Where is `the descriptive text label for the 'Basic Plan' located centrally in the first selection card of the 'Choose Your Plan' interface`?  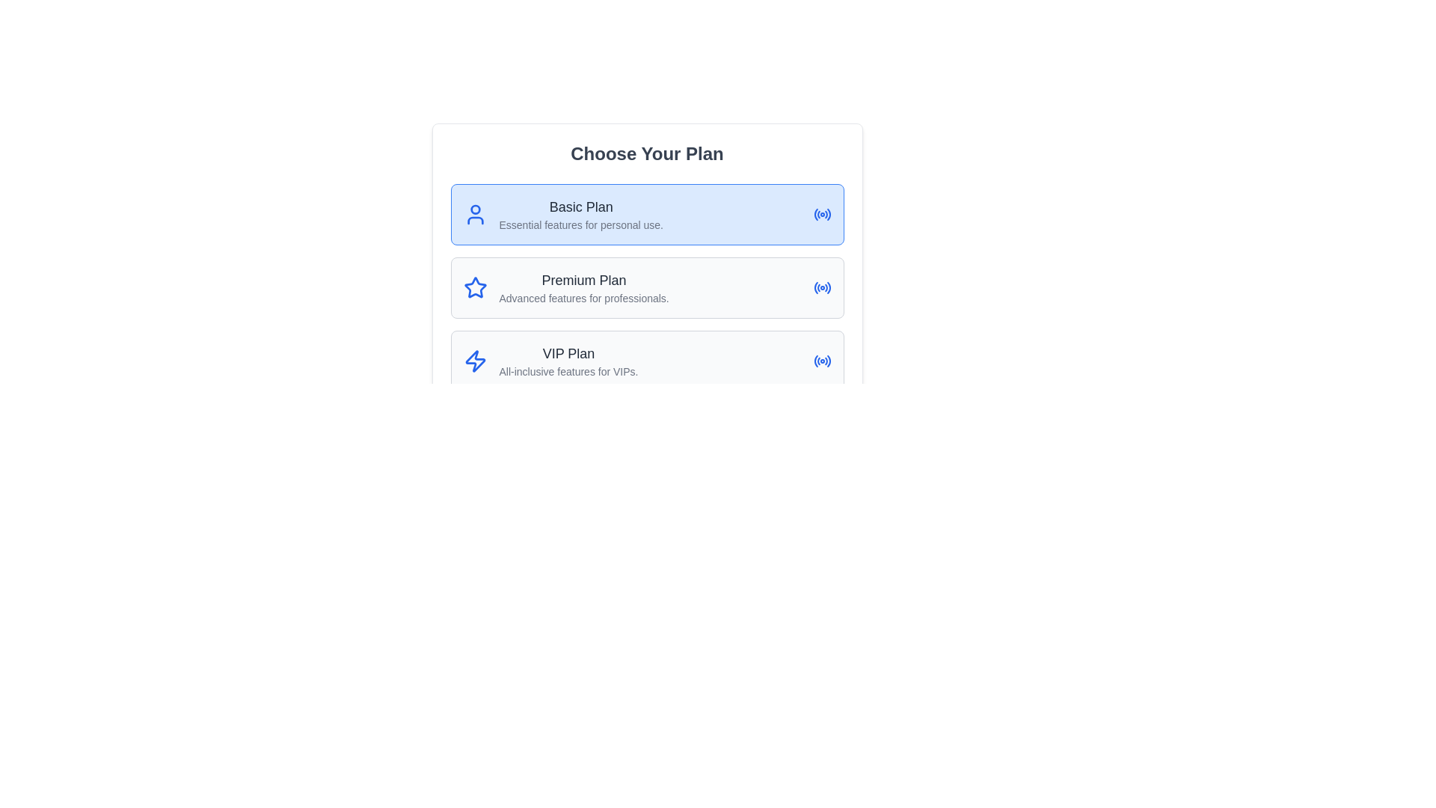 the descriptive text label for the 'Basic Plan' located centrally in the first selection card of the 'Choose Your Plan' interface is located at coordinates (580, 214).